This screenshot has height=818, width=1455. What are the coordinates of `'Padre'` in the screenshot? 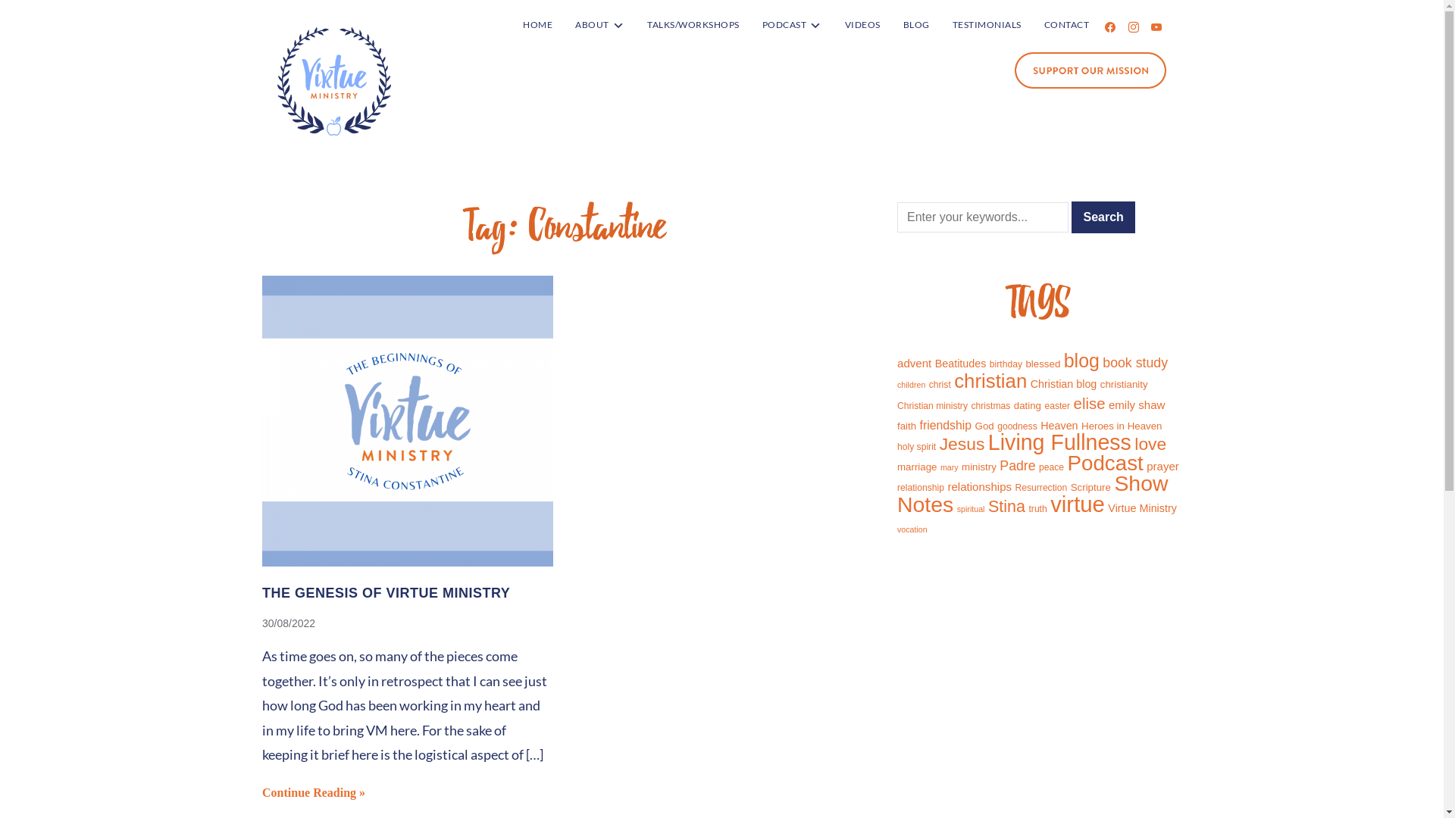 It's located at (1017, 464).